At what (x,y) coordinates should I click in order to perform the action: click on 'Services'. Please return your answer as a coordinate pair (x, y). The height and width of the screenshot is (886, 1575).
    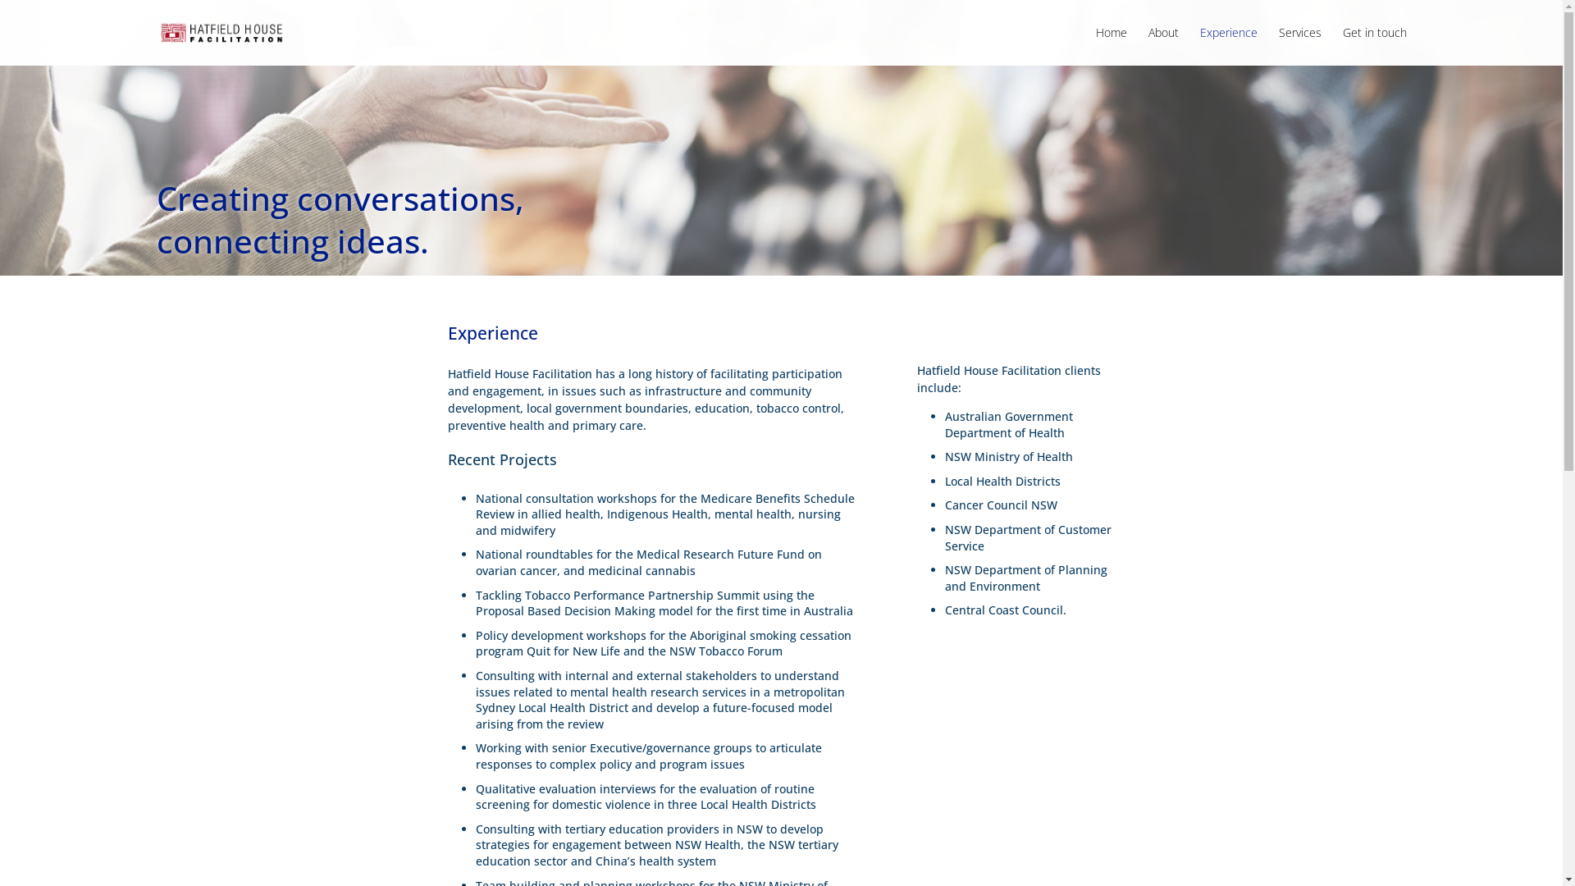
    Looking at the image, I should click on (1299, 45).